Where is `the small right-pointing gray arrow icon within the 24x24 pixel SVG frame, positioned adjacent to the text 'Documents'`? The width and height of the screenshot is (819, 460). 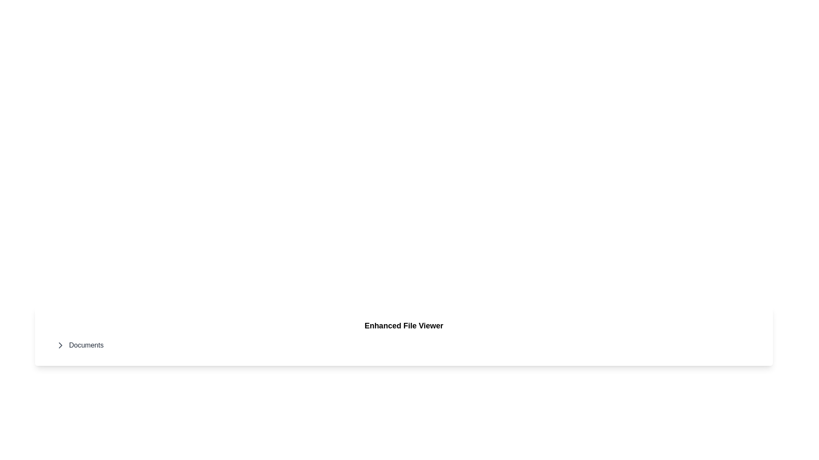
the small right-pointing gray arrow icon within the 24x24 pixel SVG frame, positioned adjacent to the text 'Documents' is located at coordinates (60, 345).